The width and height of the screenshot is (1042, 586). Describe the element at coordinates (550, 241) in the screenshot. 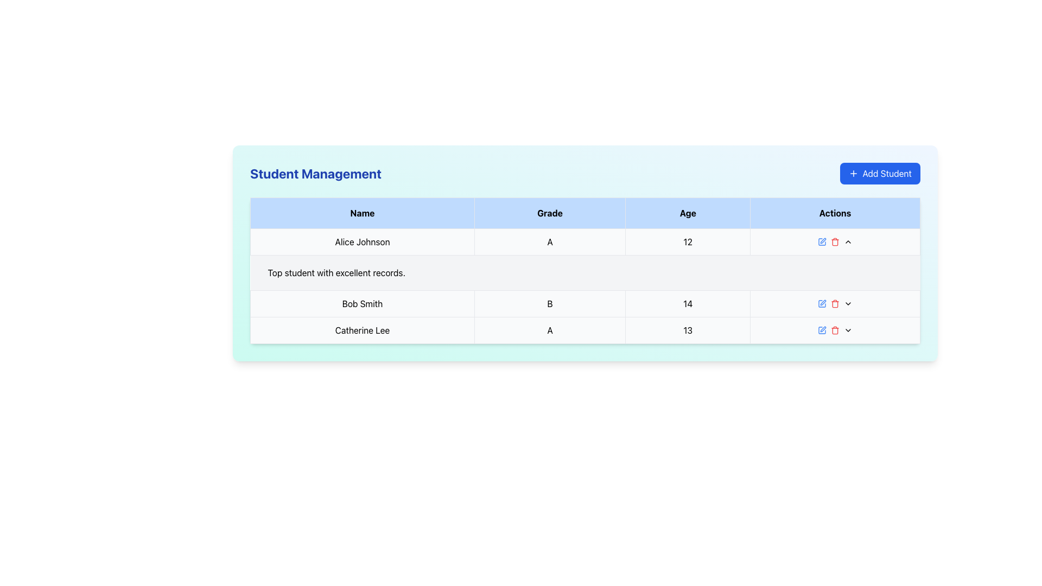

I see `the static text element displaying the character 'A' in the 'Grade' column of the table, which is centered within a light gray rectangular UI component` at that location.